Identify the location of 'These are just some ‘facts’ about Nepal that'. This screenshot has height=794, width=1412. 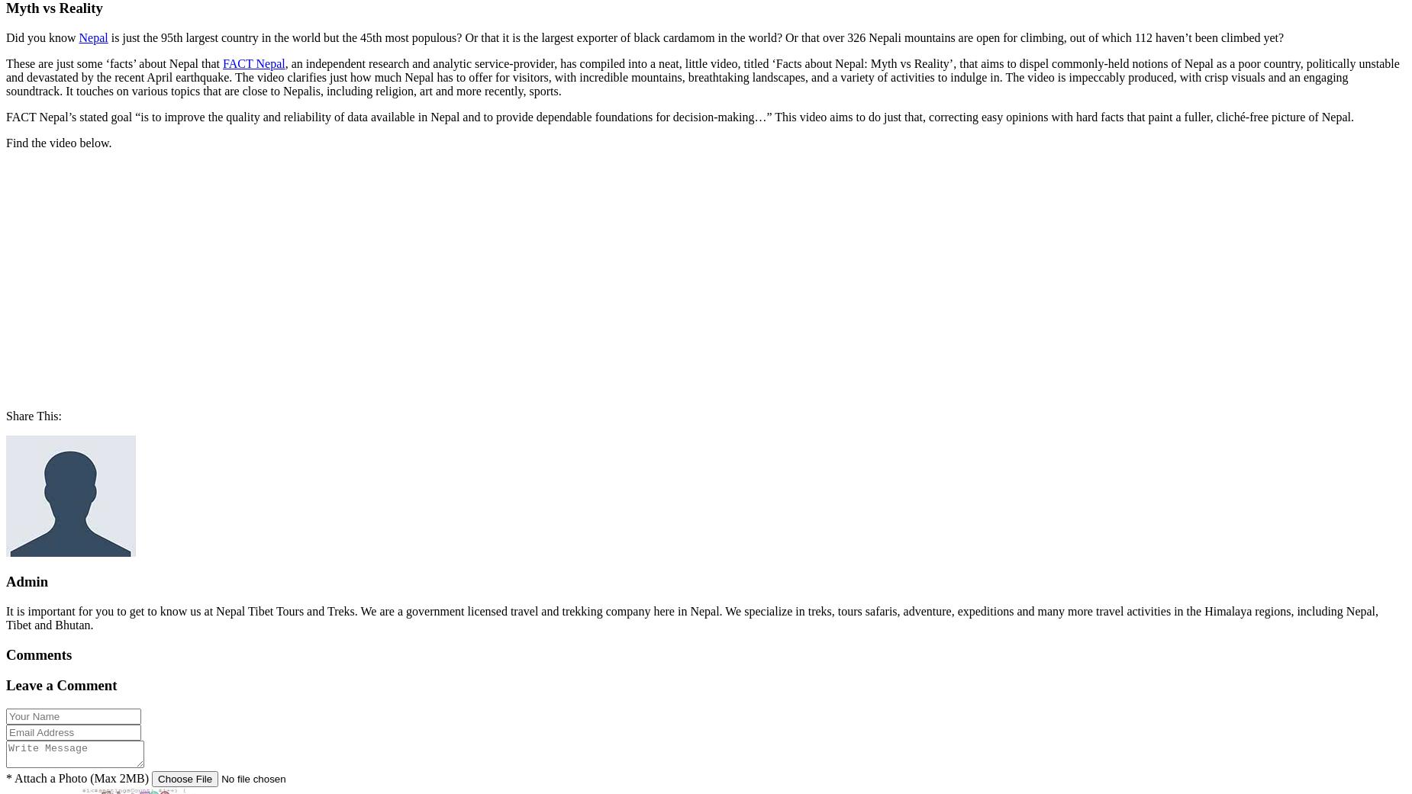
(114, 62).